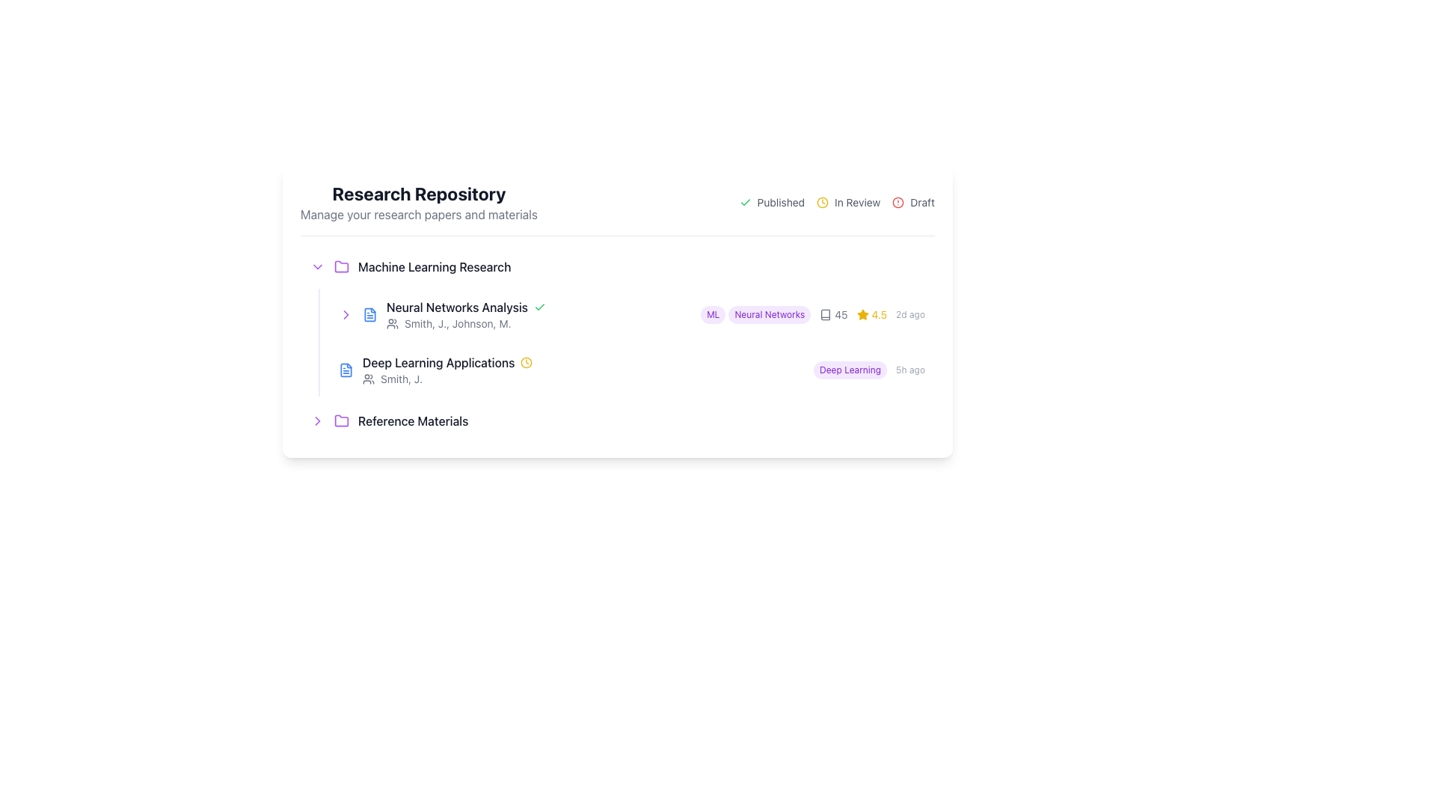  I want to click on the icon representing the folder for 'Machine Learning Research', which is located to the immediate left of the text in the 'Research Repository' section, so click(340, 266).